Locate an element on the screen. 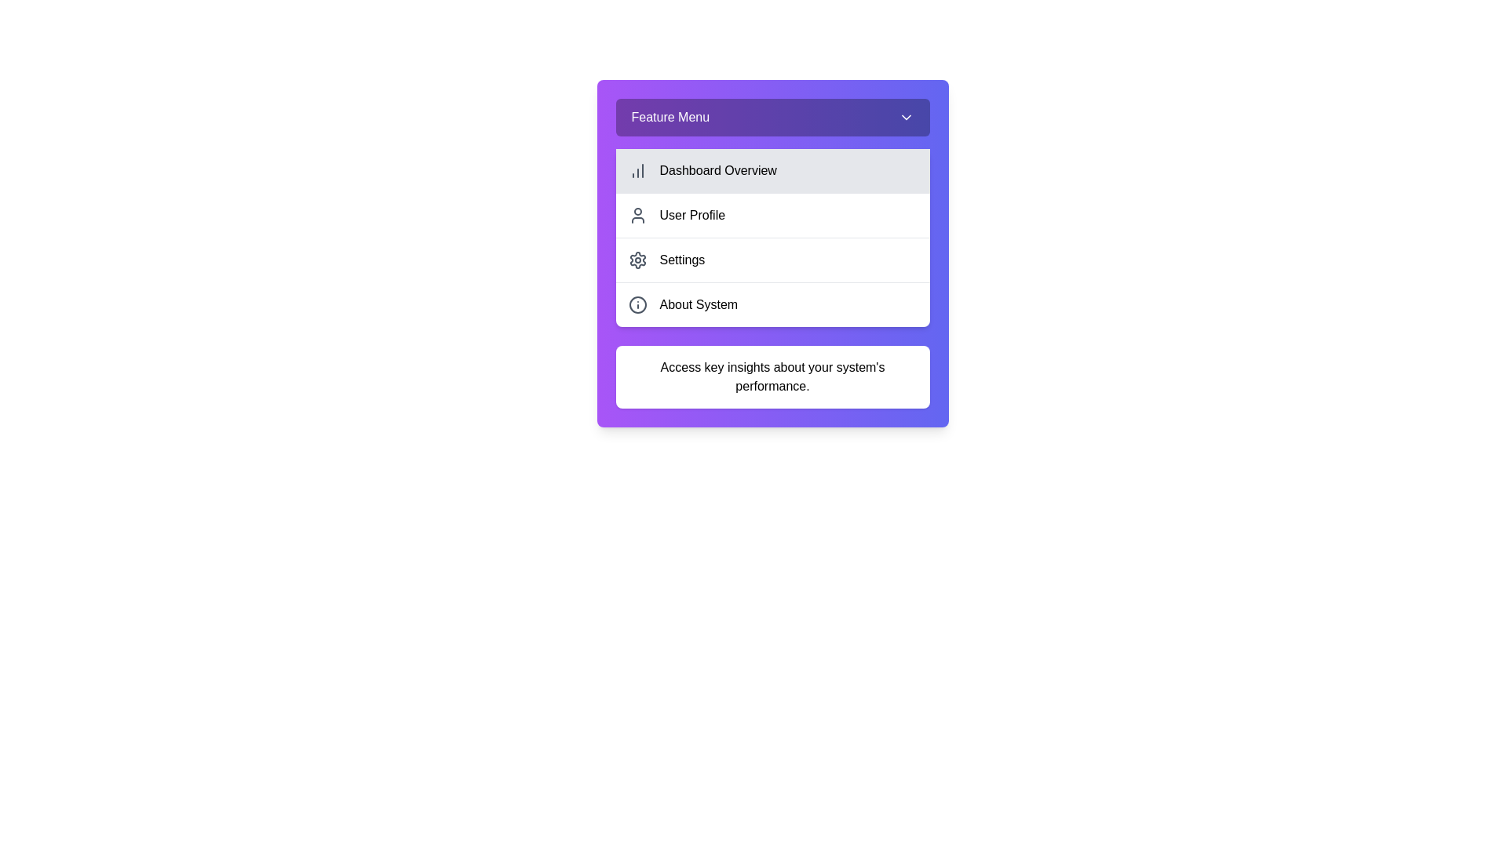 Image resolution: width=1507 pixels, height=847 pixels. the gear icon which is positioned to the left of the 'Settings' text is located at coordinates (637, 259).